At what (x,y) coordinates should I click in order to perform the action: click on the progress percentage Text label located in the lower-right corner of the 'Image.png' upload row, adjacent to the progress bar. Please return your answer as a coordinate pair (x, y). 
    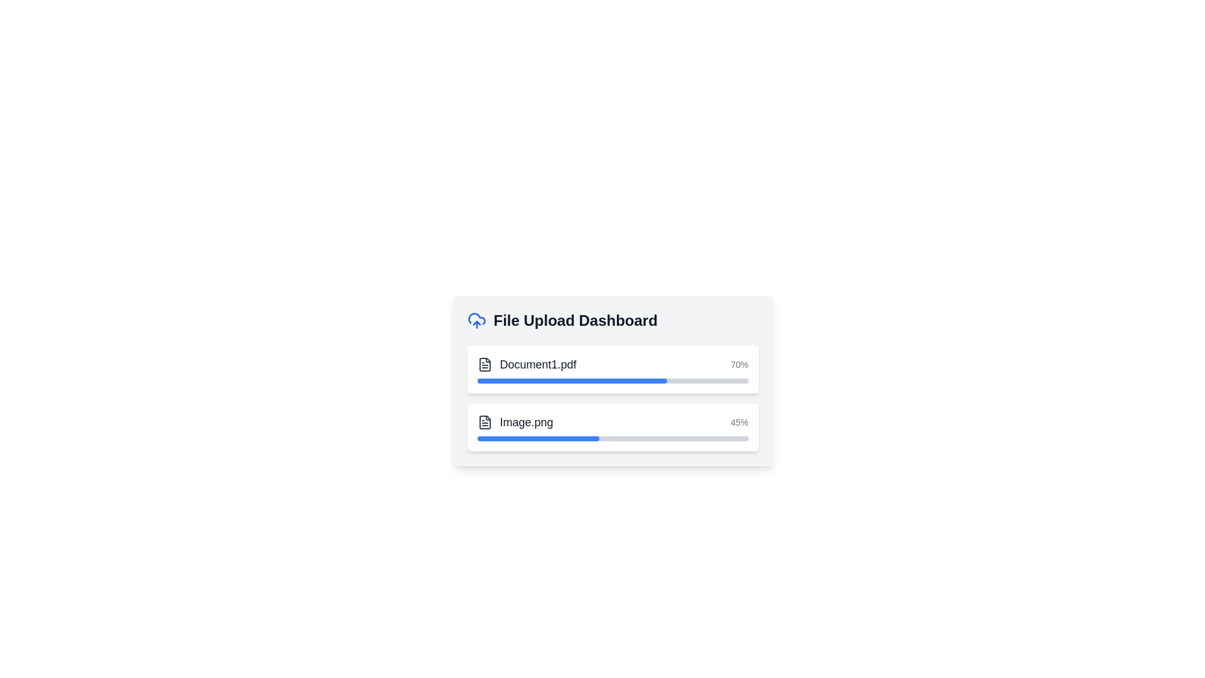
    Looking at the image, I should click on (739, 422).